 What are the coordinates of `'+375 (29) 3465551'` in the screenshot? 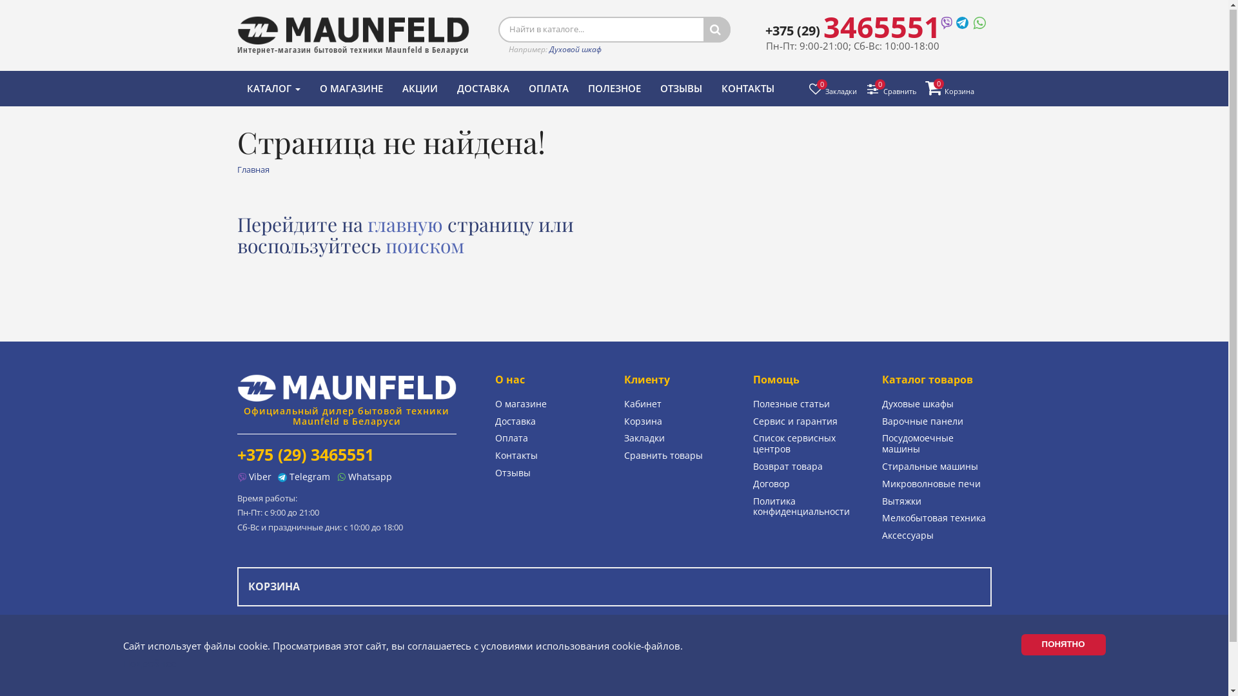 It's located at (852, 30).